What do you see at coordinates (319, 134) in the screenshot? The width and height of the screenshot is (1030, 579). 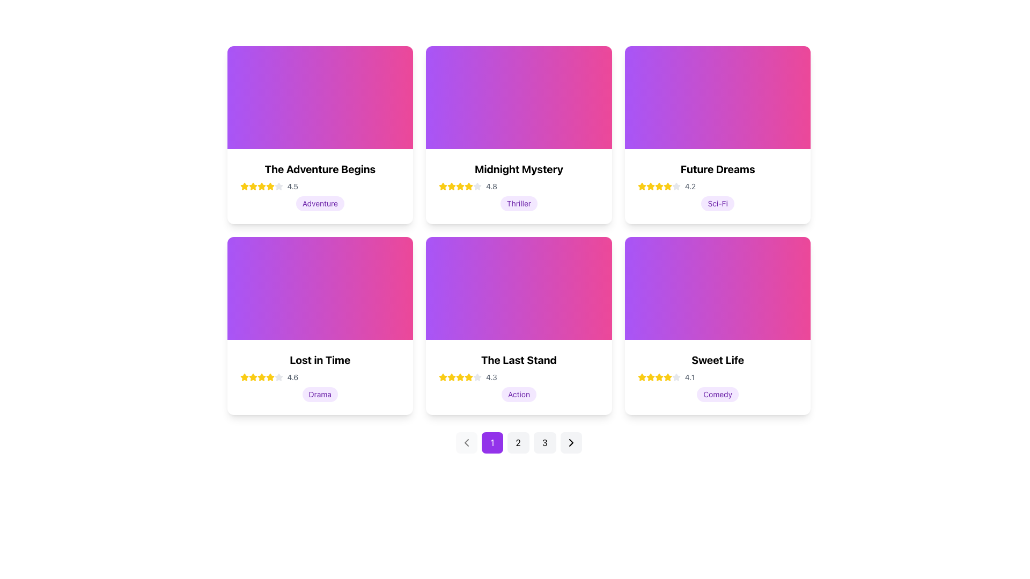 I see `the card element displaying information about a specific item, located in the first column of the first row of a grid-based layout` at bounding box center [319, 134].